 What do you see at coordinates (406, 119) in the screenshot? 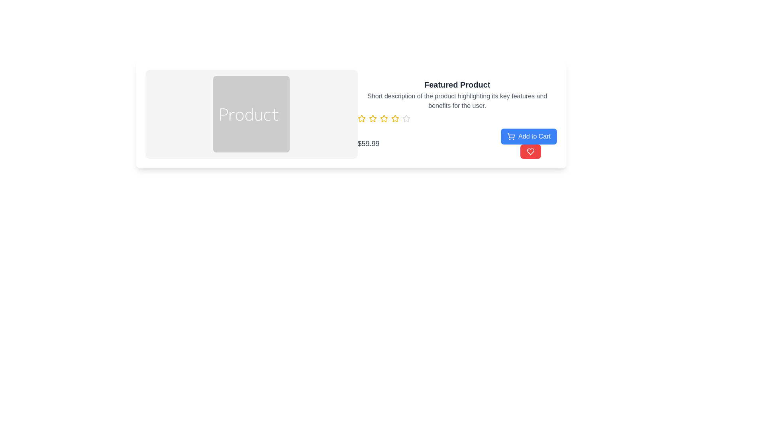
I see `the fifth star icon in a horizontal row of five, which indicates a lack of rating or an incomplete rating, positioned slightly above the product price` at bounding box center [406, 119].